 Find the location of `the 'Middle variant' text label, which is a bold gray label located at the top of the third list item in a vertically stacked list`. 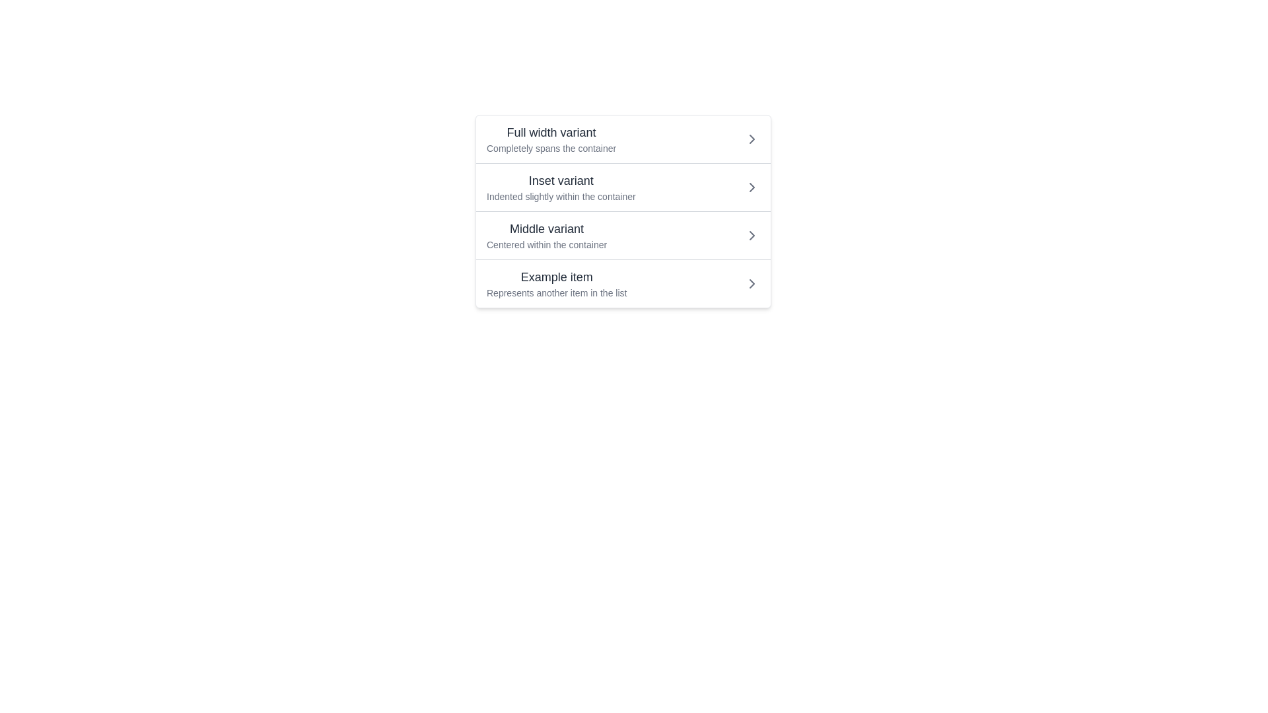

the 'Middle variant' text label, which is a bold gray label located at the top of the third list item in a vertically stacked list is located at coordinates (547, 228).